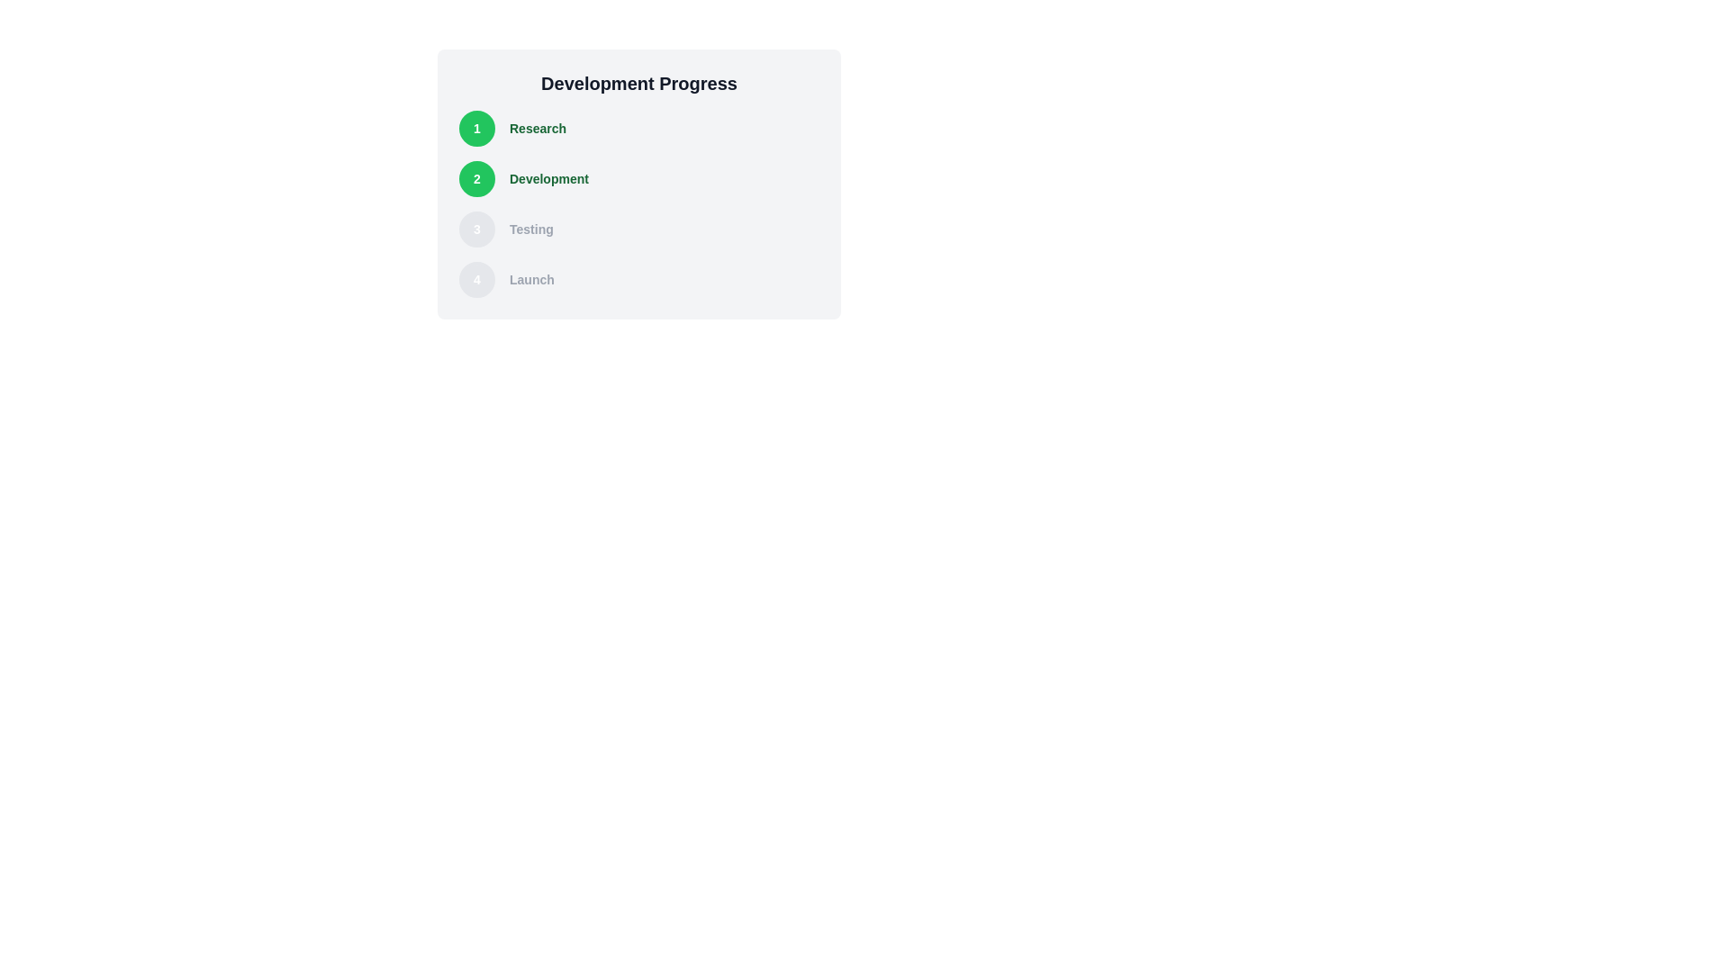 The width and height of the screenshot is (1729, 972). Describe the element at coordinates (639, 179) in the screenshot. I see `the progress step indicator displaying the number '2' with the label 'Development' for its current status in the sequential process` at that location.